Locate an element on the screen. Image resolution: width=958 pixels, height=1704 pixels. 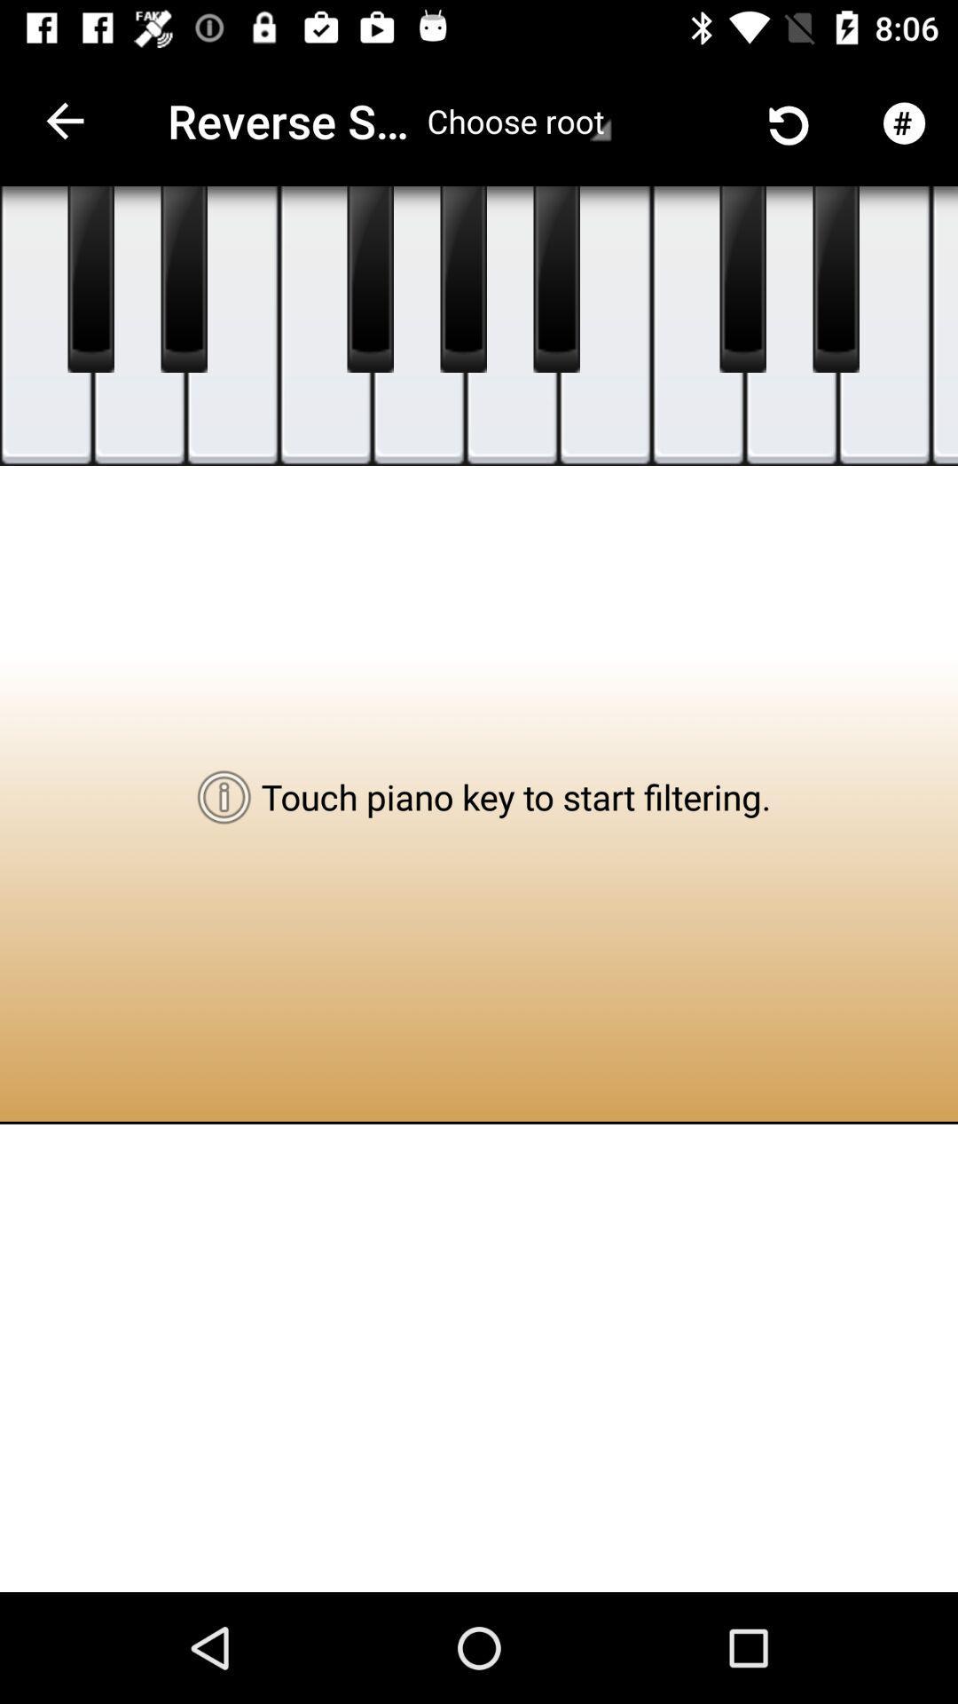
icon above touch piano key item is located at coordinates (555, 279).